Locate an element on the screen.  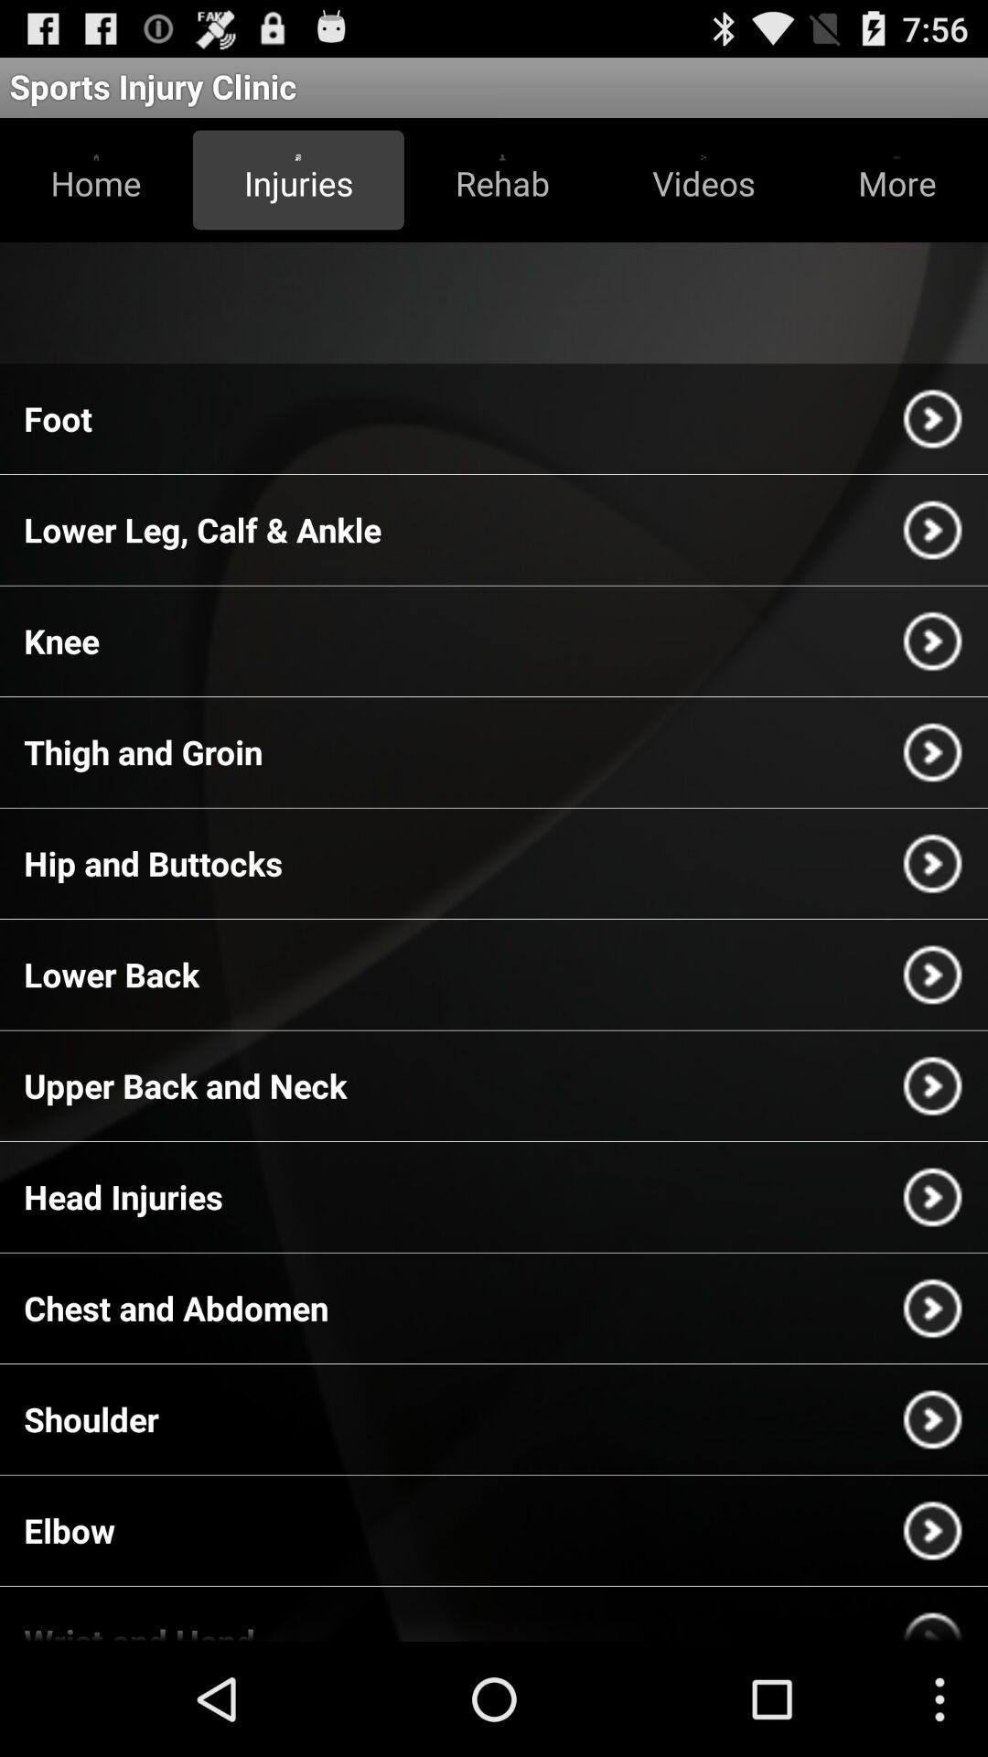
item above the lower leg calf is located at coordinates (57, 417).